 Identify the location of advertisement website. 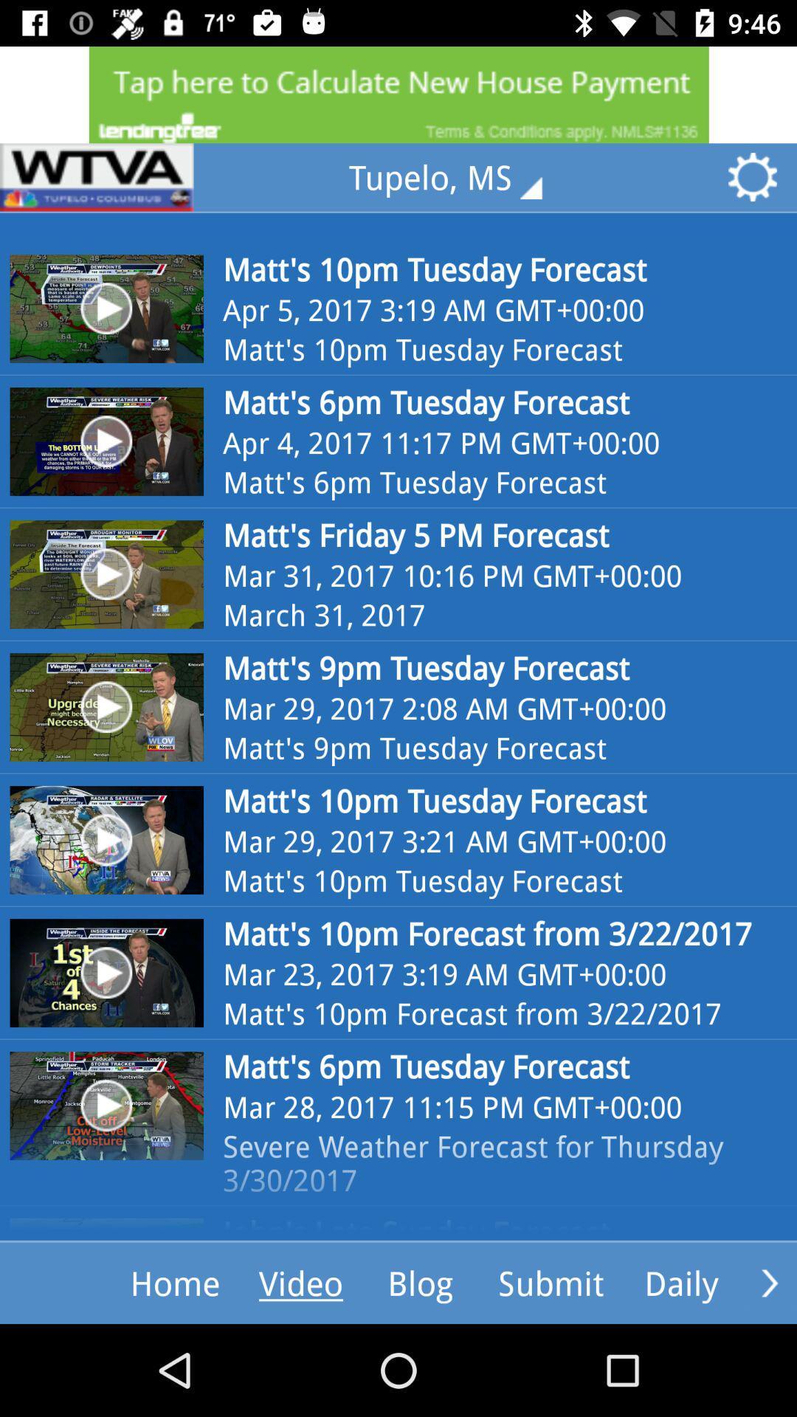
(398, 94).